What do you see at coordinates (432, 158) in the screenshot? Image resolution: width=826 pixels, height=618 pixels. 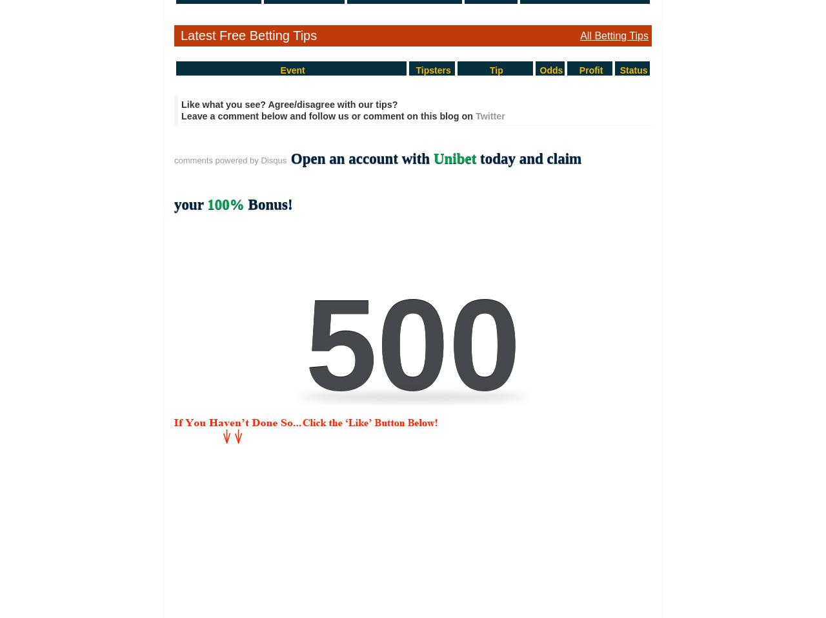 I see `'Unibet'` at bounding box center [432, 158].